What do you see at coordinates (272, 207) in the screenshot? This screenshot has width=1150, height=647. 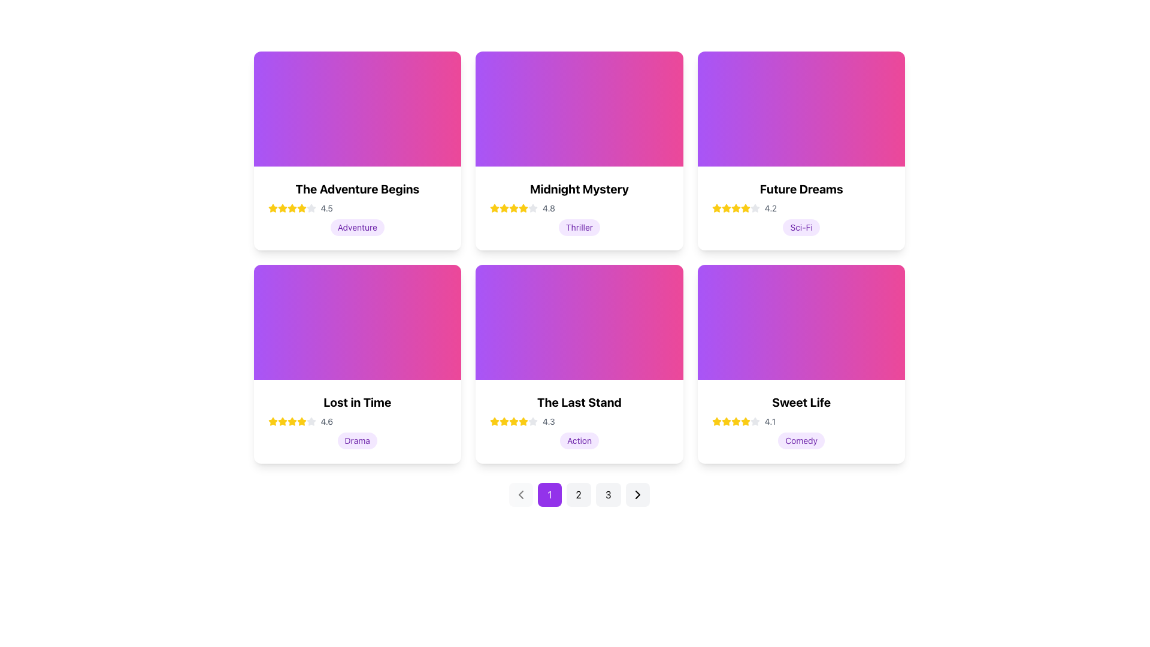 I see `the first star icon, which is yellow-filled with a border stroke, located below the title 'The Adventure Begins' to indicate the rating for the item` at bounding box center [272, 207].